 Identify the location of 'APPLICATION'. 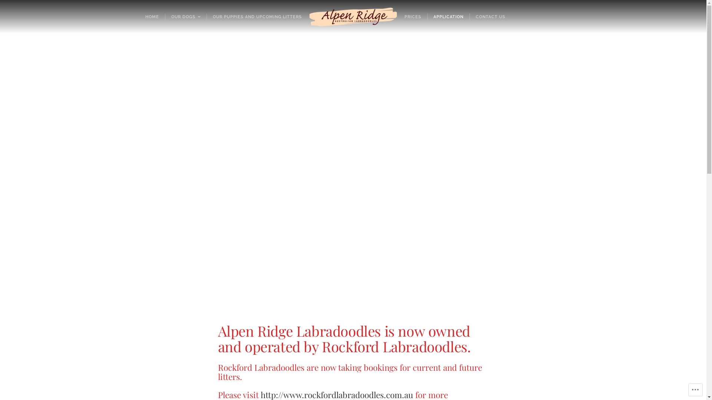
(427, 17).